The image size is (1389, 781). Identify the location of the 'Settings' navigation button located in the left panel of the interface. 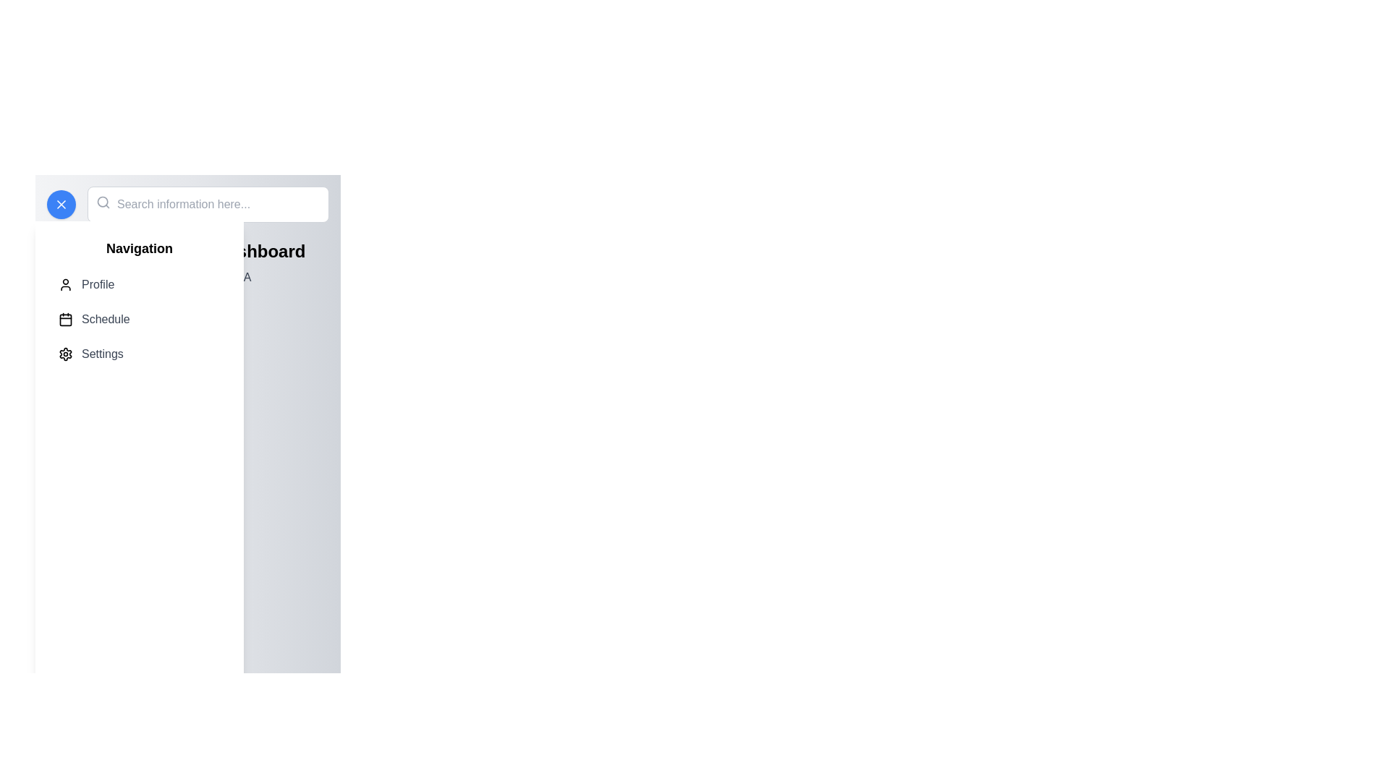
(139, 354).